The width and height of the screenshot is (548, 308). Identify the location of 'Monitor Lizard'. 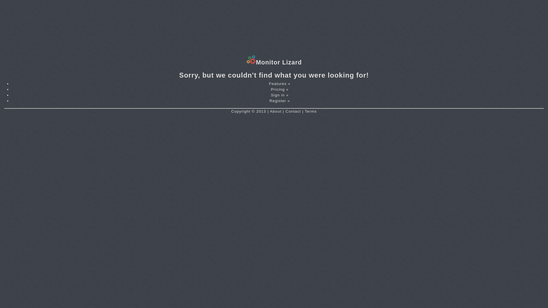
(246, 62).